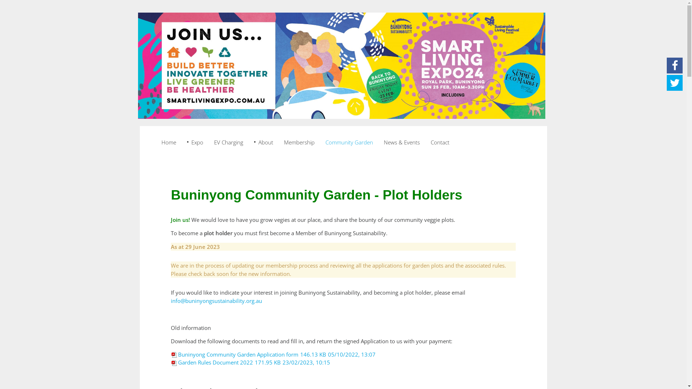 The image size is (692, 389). I want to click on 'Home', so click(168, 142).